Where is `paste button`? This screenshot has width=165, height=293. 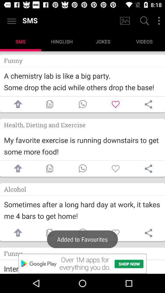
paste button is located at coordinates (49, 168).